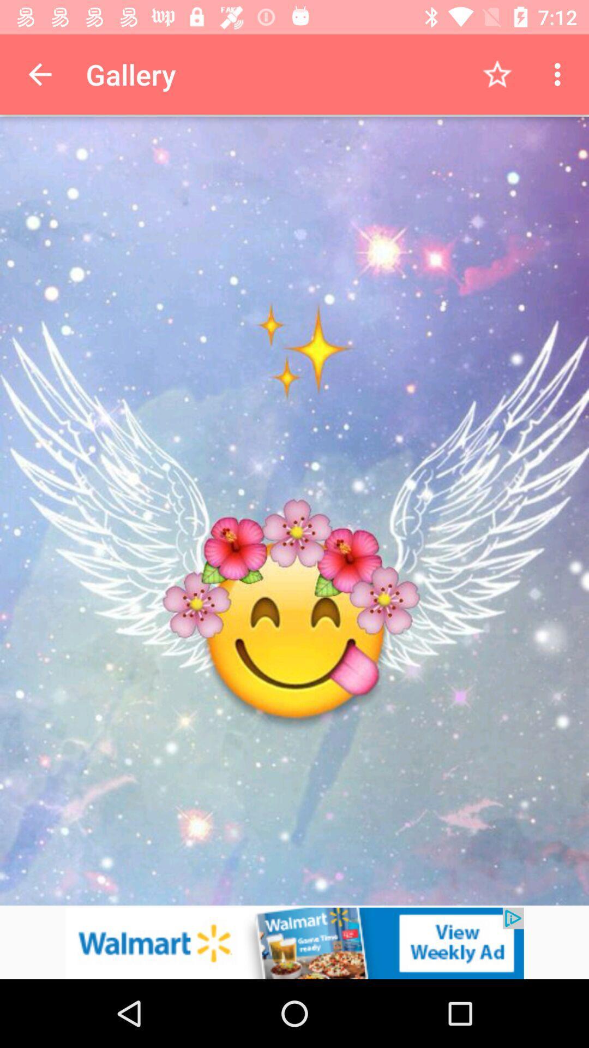 The width and height of the screenshot is (589, 1048). I want to click on advertisent page, so click(294, 943).